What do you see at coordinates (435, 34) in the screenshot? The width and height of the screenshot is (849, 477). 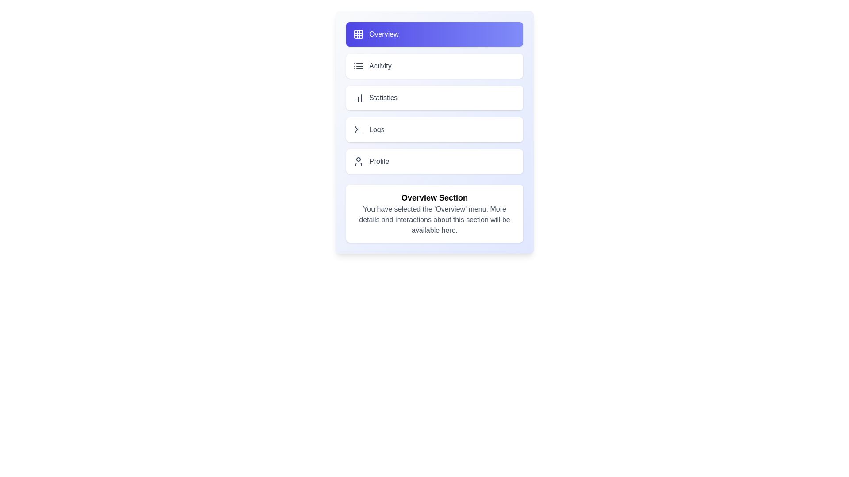 I see `the menu item Overview to display its section` at bounding box center [435, 34].